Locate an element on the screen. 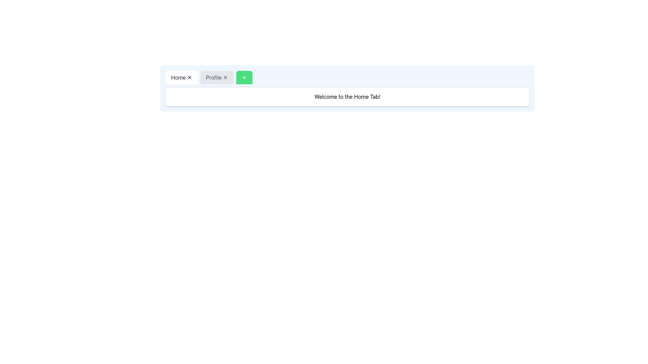  the welcoming header text label located at the center of the white rounded rectangular box below the navigation bar is located at coordinates (347, 96).